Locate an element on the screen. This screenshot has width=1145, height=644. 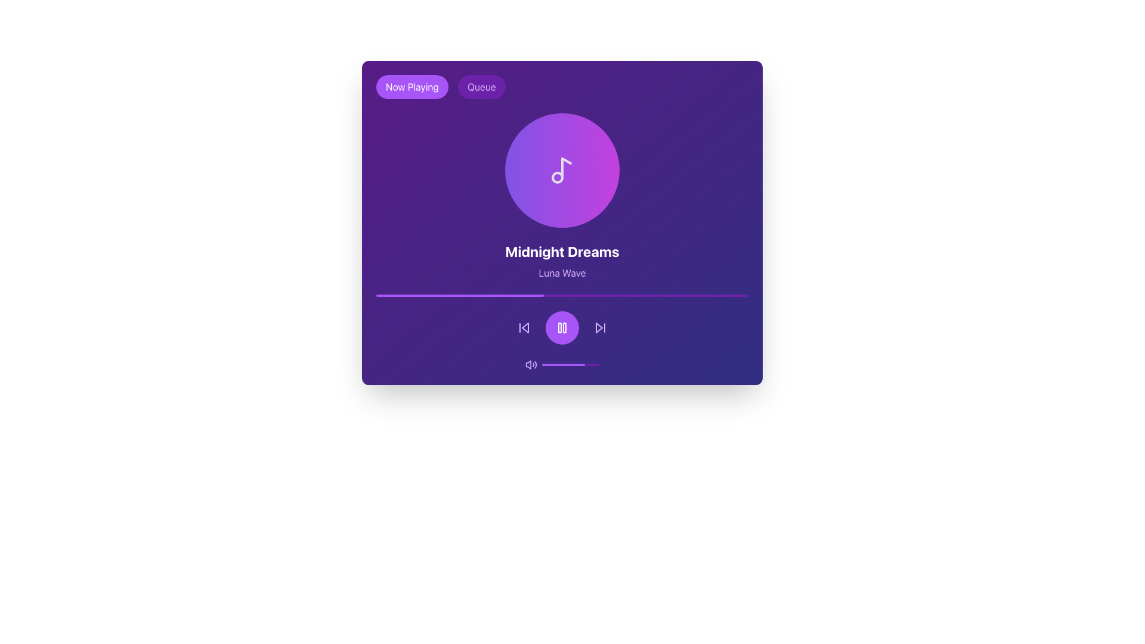
the musical note icon, which is white and located centrally within a circular purple-pink gradient background above the text 'Midnight Dreams' is located at coordinates (561, 170).